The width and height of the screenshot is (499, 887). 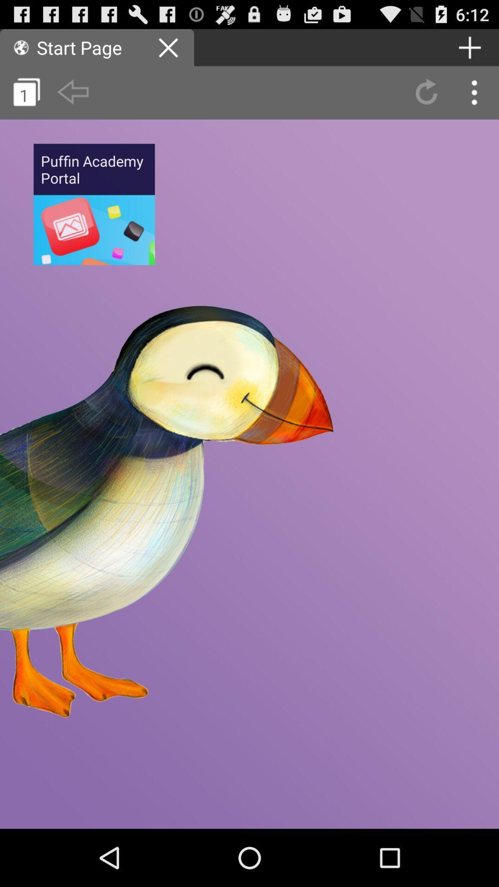 What do you see at coordinates (170, 50) in the screenshot?
I see `the close icon` at bounding box center [170, 50].